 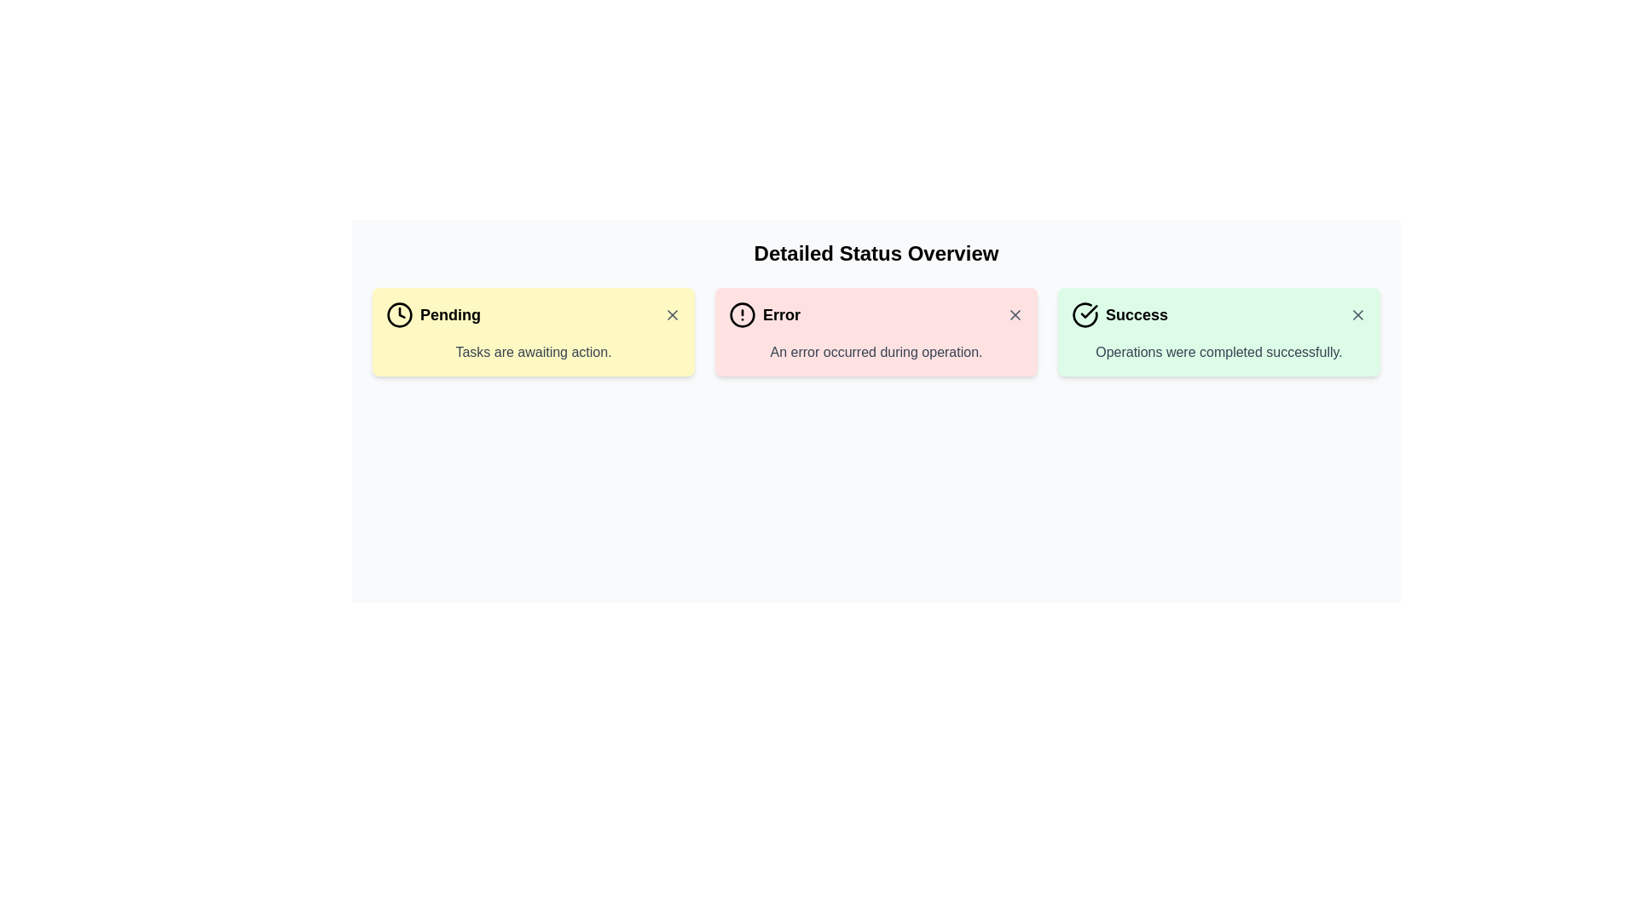 I want to click on success message from the Informational box indicating successful completion of an operation, which is the rightmost box in a row of three within the 'Detailed Status Overview' grid layout, so click(x=1218, y=331).